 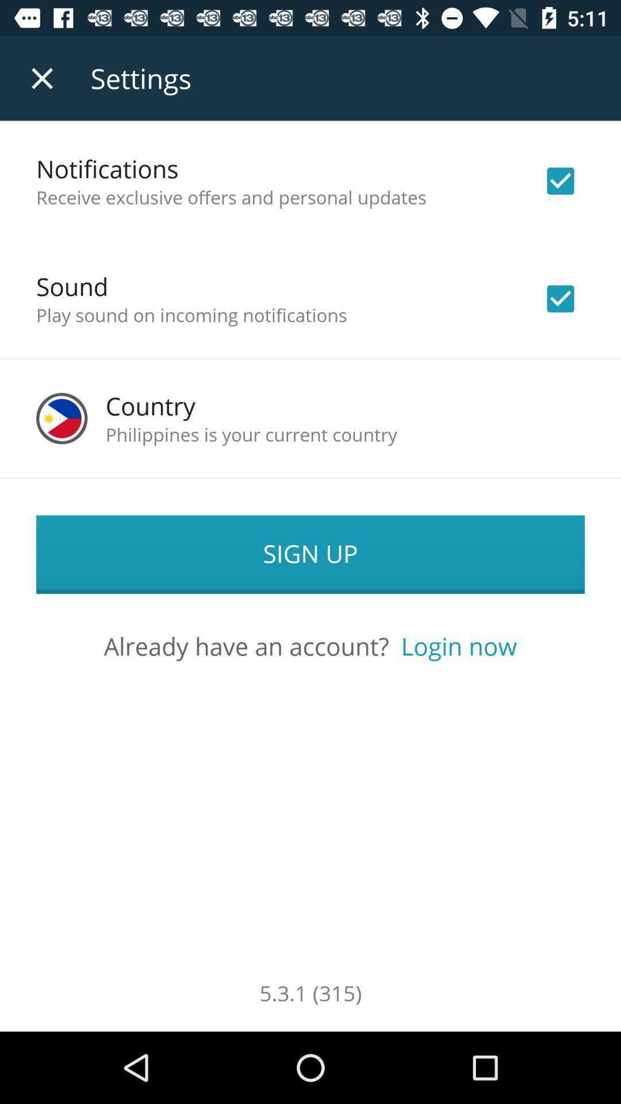 What do you see at coordinates (458, 646) in the screenshot?
I see `the icon next to already have an icon` at bounding box center [458, 646].